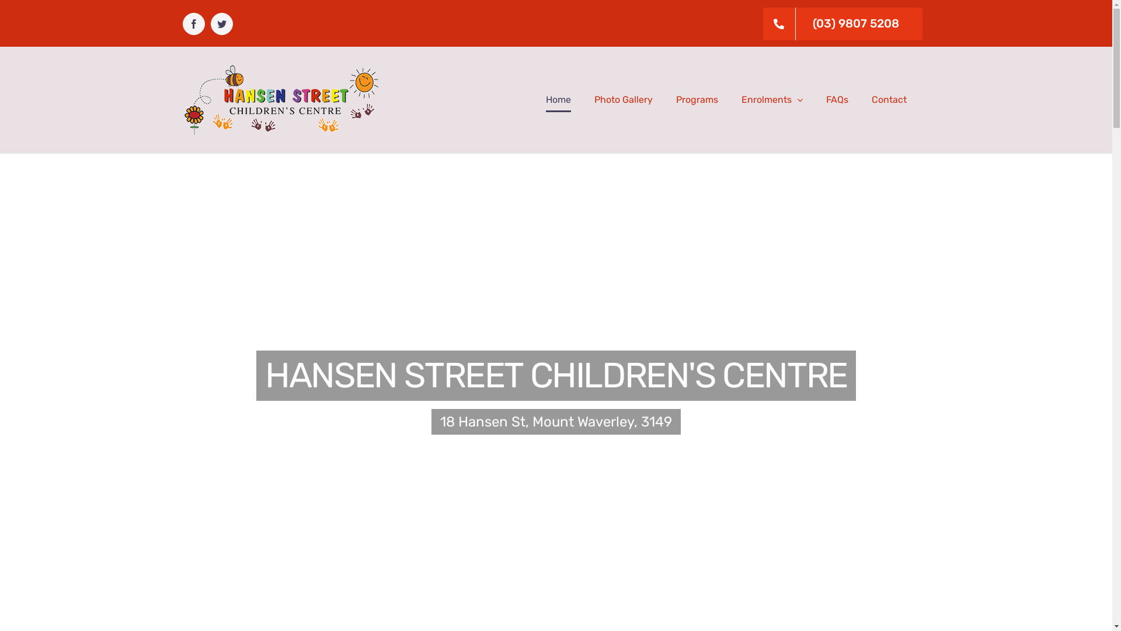 This screenshot has height=631, width=1121. Describe the element at coordinates (756, 24) in the screenshot. I see `'(03) 9807 5208'` at that location.